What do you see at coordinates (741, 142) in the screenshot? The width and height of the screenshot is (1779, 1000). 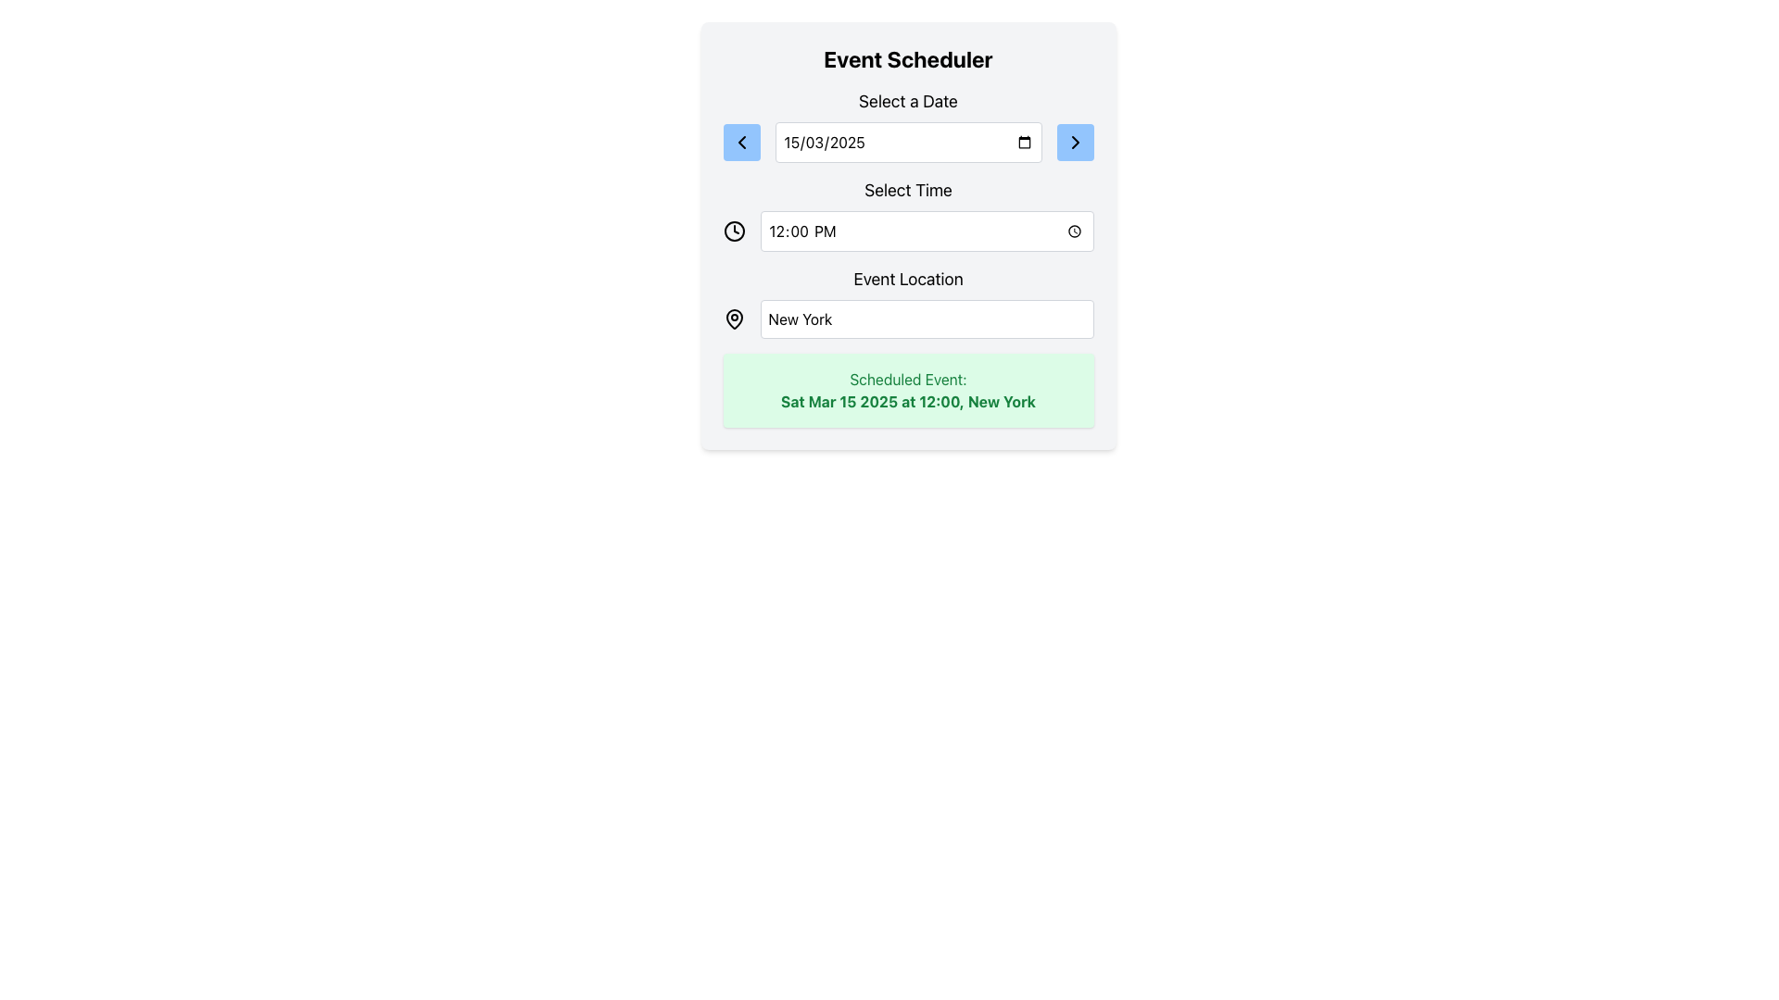 I see `the minimalist left-pointing chevron icon to decrement the date in the 'Select a Date' input field of the event scheduler interface` at bounding box center [741, 142].